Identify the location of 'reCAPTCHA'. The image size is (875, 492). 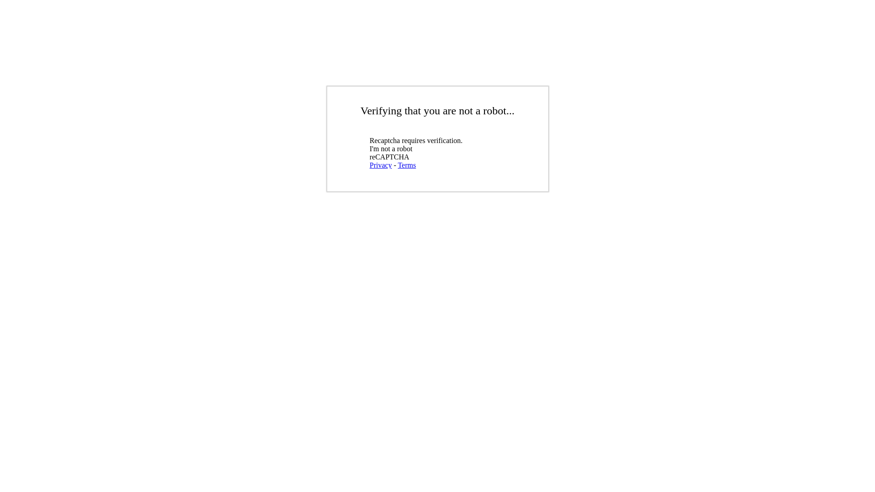
(435, 150).